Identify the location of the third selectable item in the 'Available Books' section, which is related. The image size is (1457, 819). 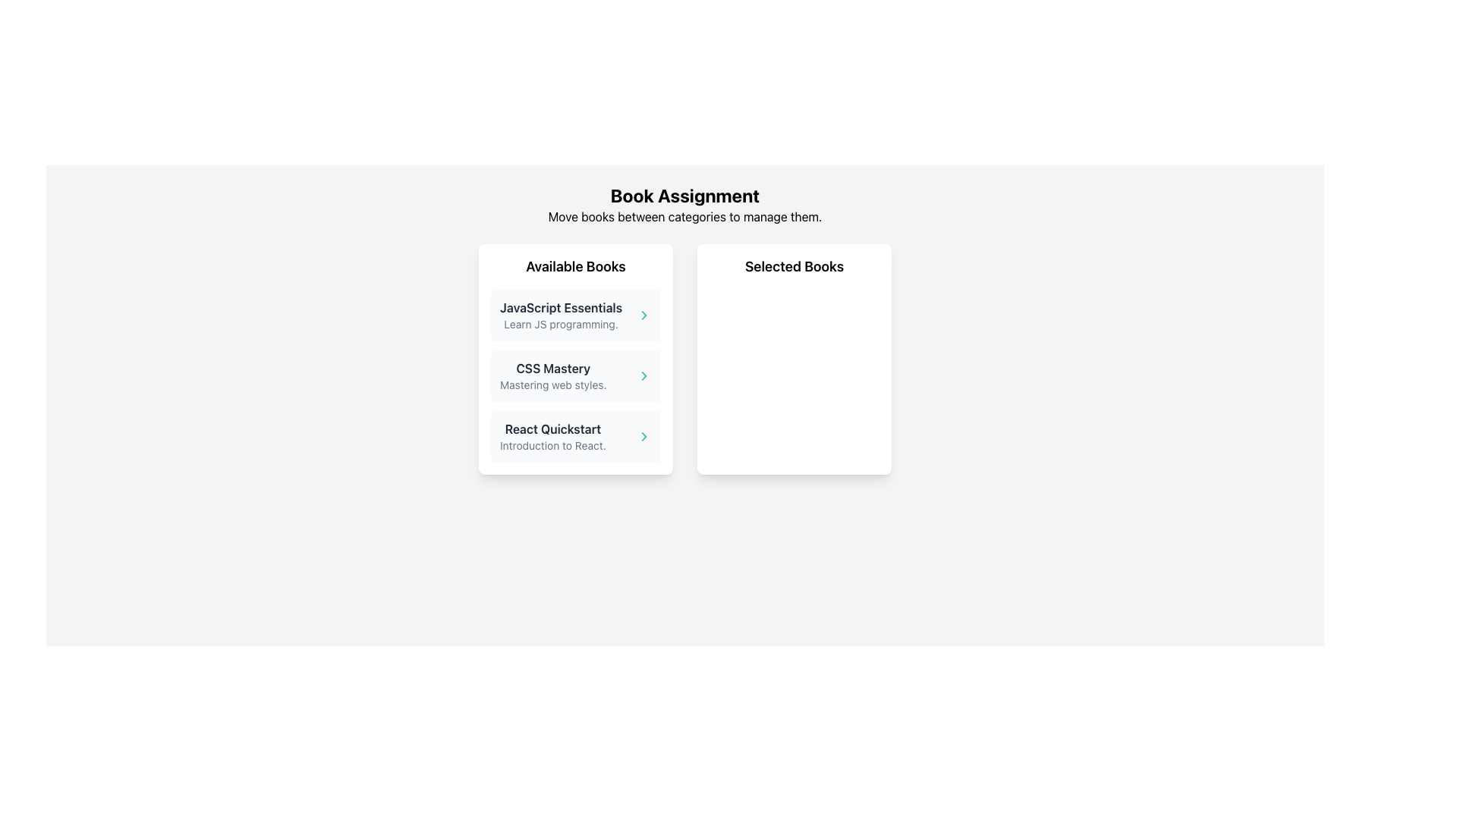
(574, 436).